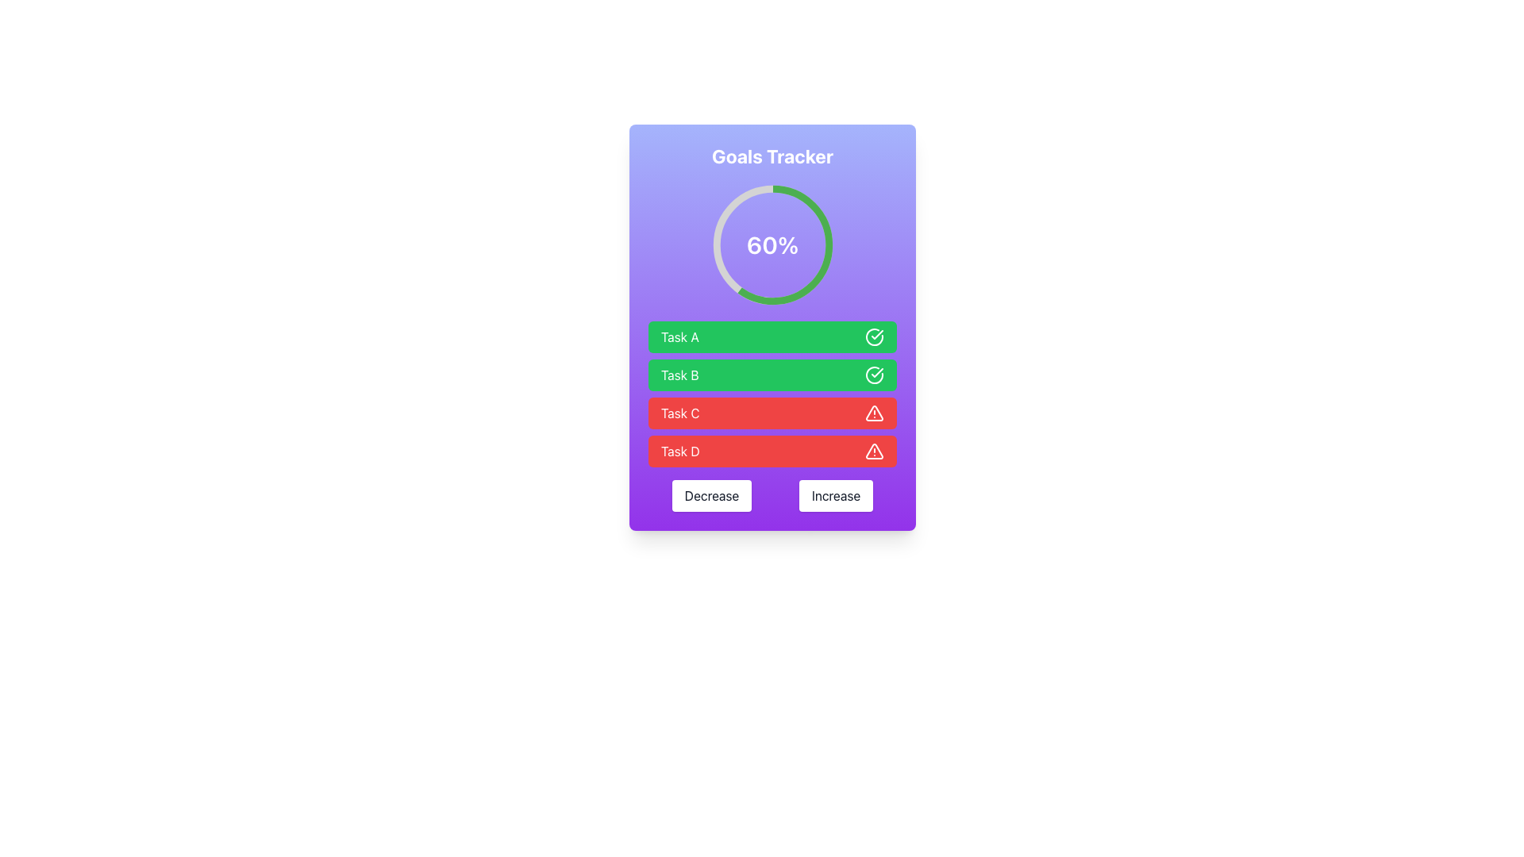 The height and width of the screenshot is (857, 1524). What do you see at coordinates (874, 375) in the screenshot?
I see `the completed task indicator icon for 'Task B', which is the second icon in the task list, located to the right of the 'Task B' text` at bounding box center [874, 375].